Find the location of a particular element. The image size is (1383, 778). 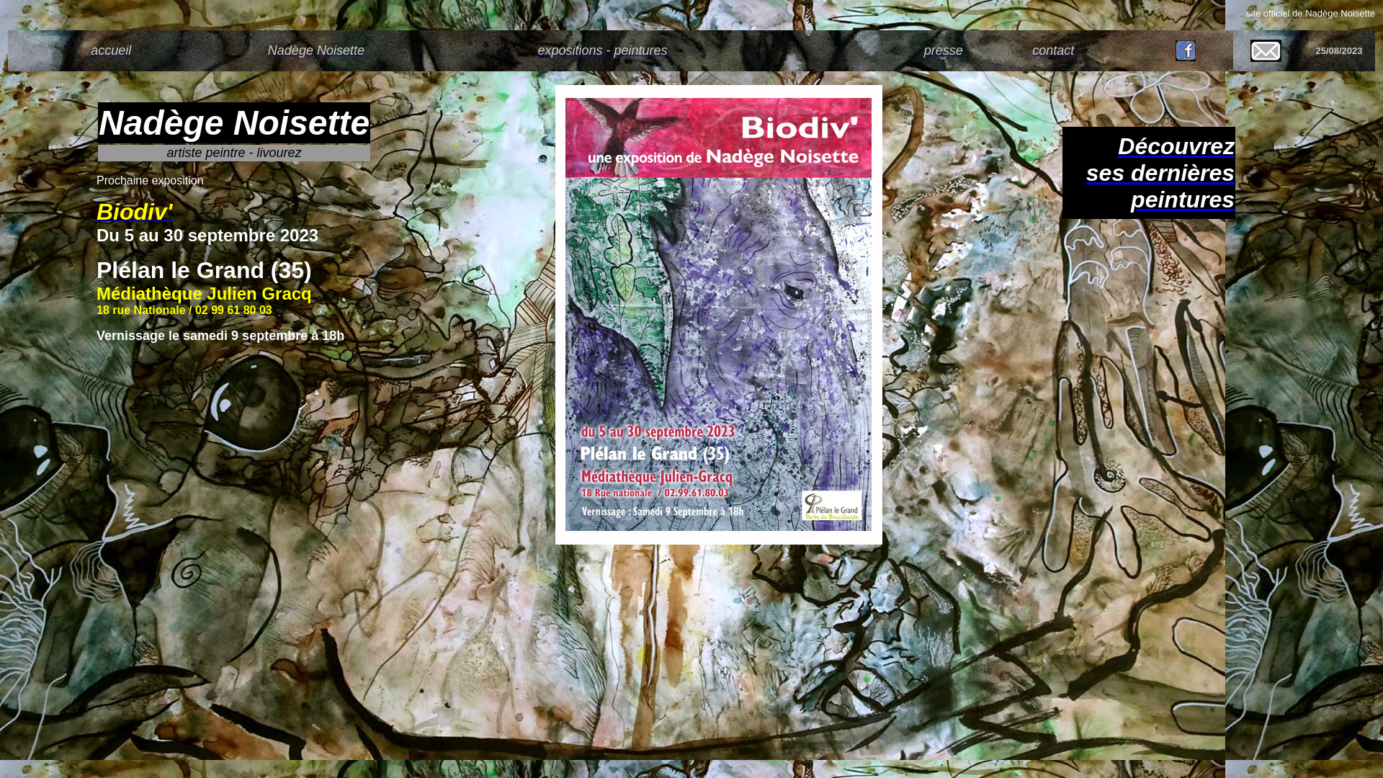

'accueil' is located at coordinates (109, 49).